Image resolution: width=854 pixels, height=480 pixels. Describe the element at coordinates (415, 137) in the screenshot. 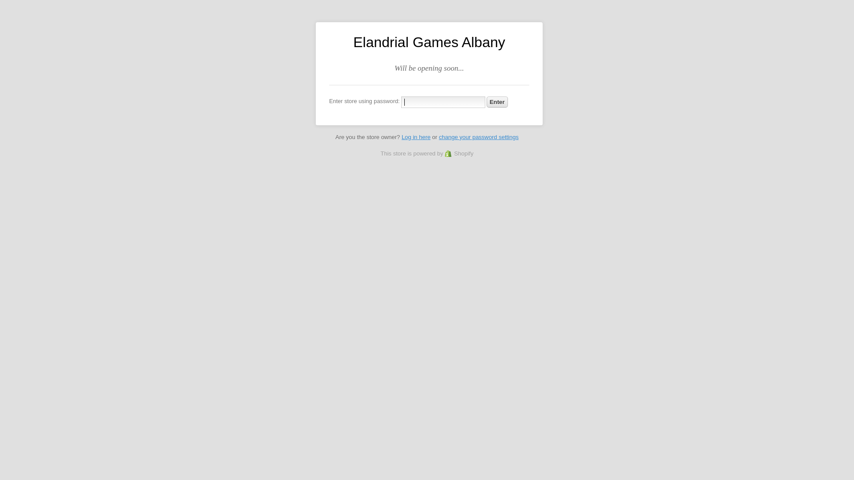

I see `'Log in here'` at that location.